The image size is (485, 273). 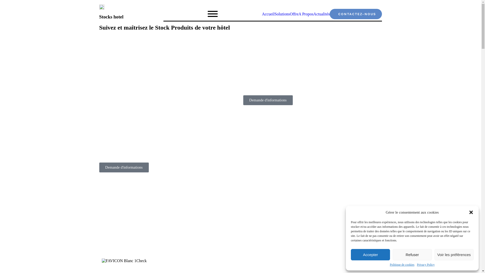 What do you see at coordinates (262, 14) in the screenshot?
I see `'Accueil'` at bounding box center [262, 14].